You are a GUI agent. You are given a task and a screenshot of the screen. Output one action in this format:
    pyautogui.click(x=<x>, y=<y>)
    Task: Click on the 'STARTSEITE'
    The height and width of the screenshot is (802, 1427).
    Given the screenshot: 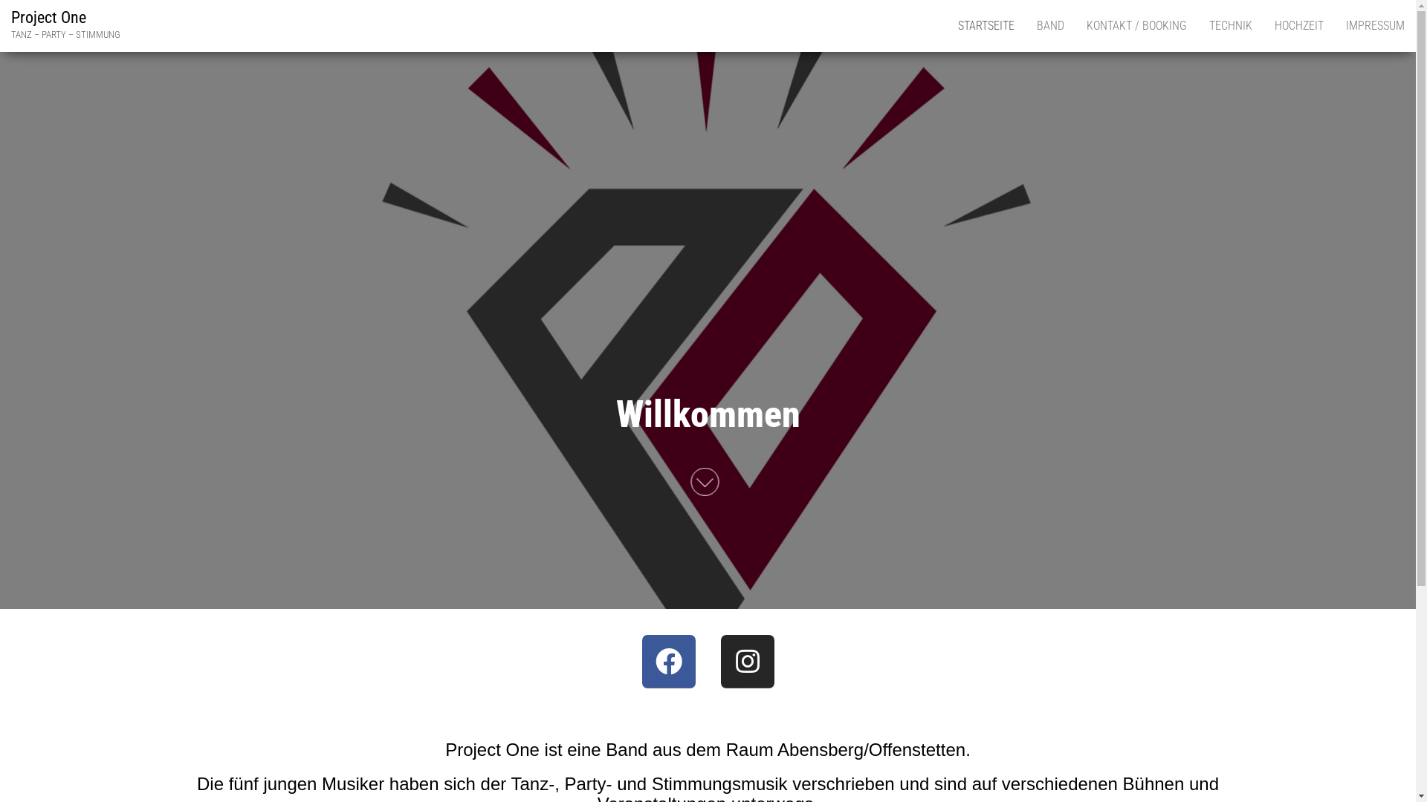 What is the action you would take?
    pyautogui.click(x=986, y=25)
    